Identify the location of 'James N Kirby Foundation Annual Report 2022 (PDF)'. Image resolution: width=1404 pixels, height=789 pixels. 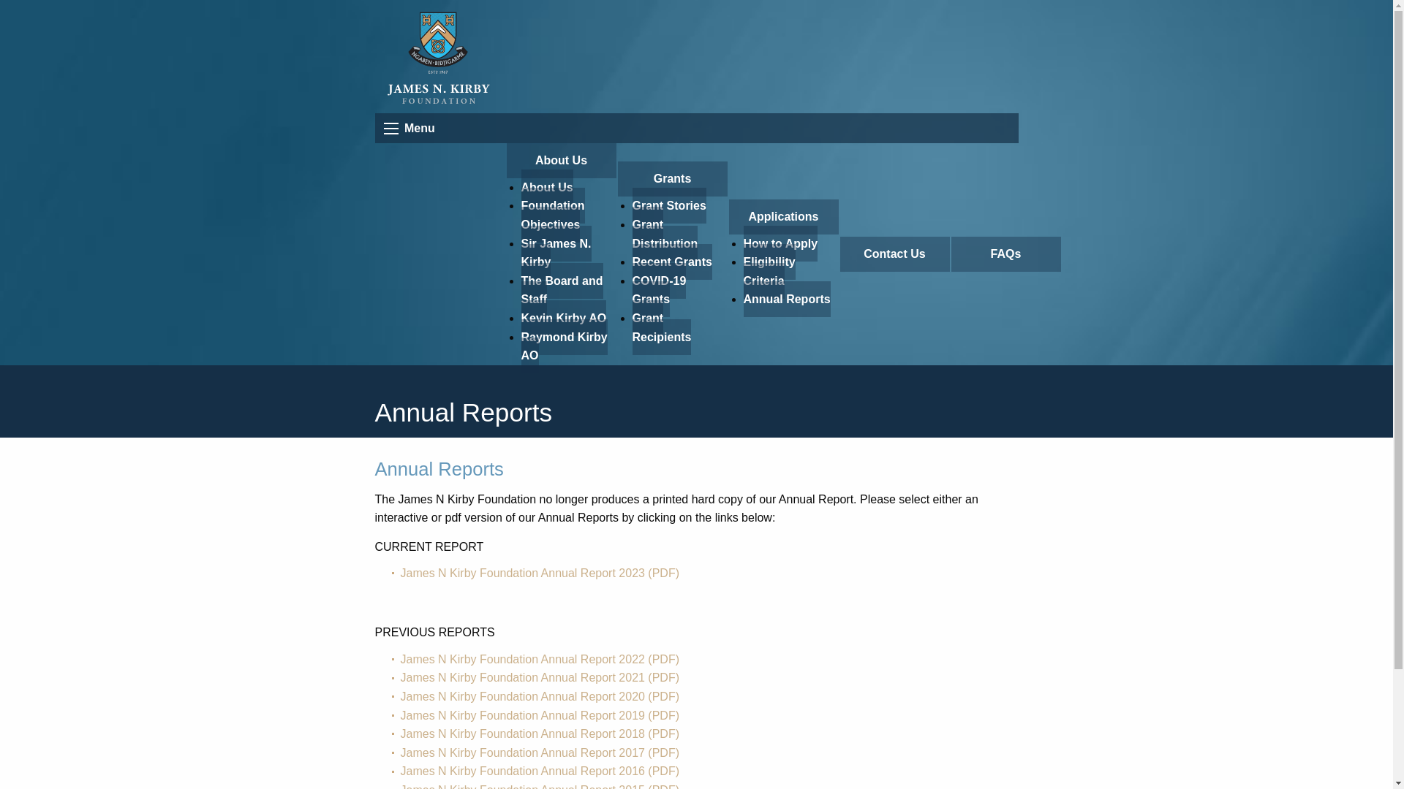
(540, 659).